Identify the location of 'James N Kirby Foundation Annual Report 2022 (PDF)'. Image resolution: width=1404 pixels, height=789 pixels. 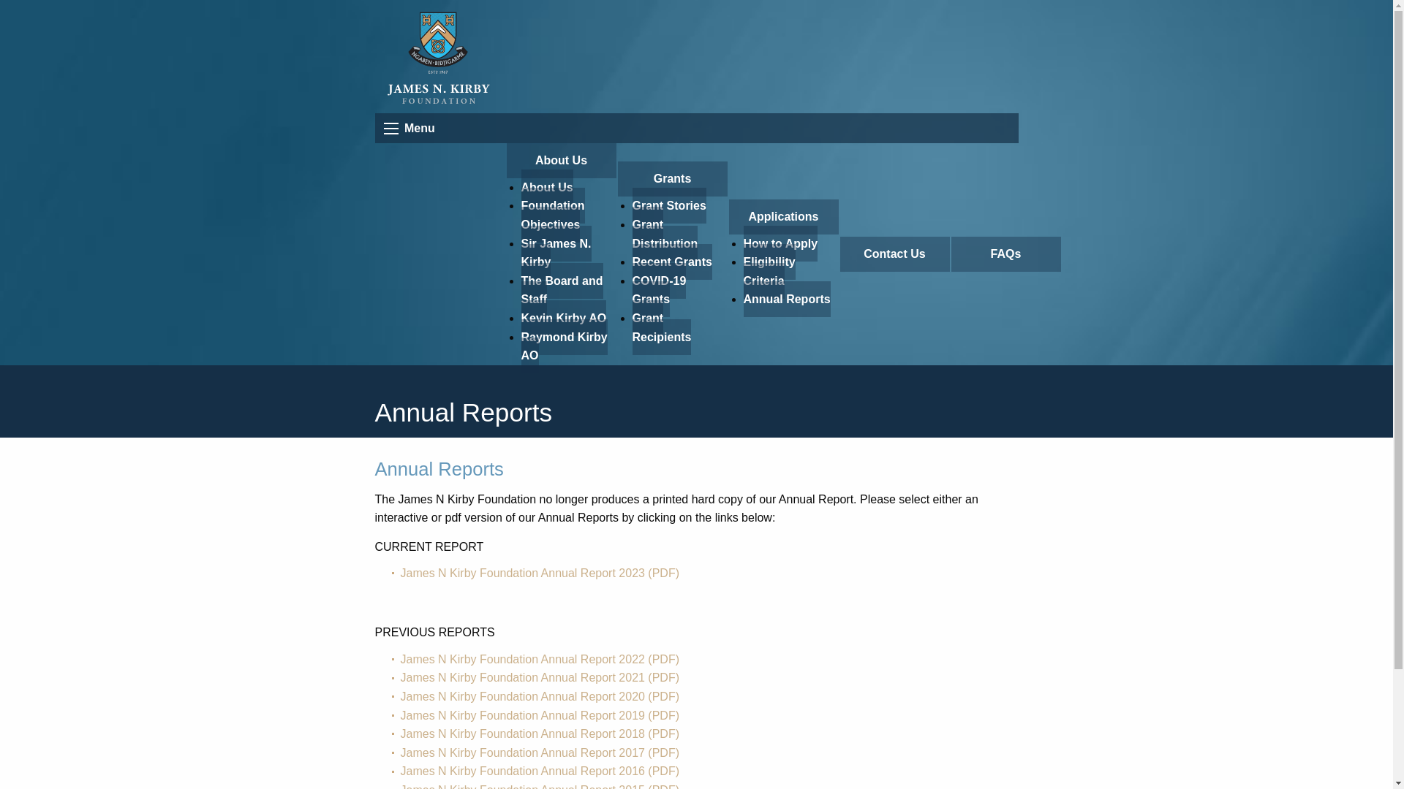
(540, 659).